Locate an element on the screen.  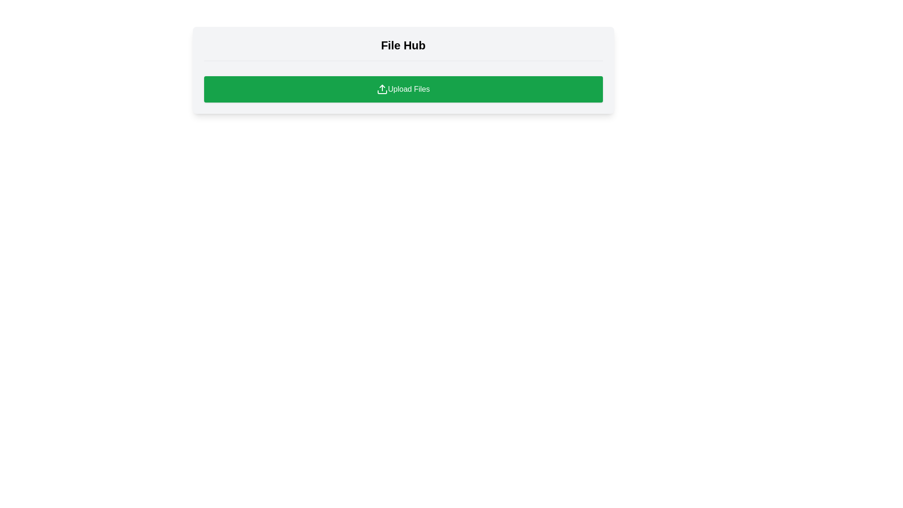
the static text label indicating 'File Hub', which serves as a title for file management or browsing is located at coordinates (403, 45).